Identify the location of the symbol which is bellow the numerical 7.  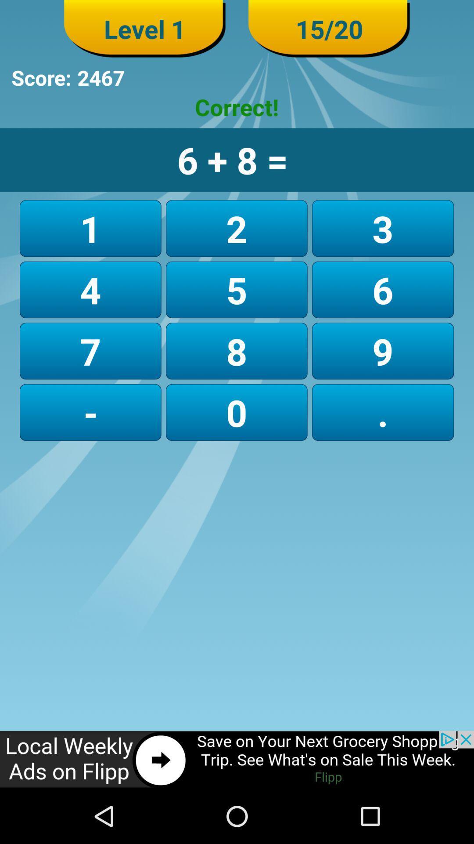
(90, 412).